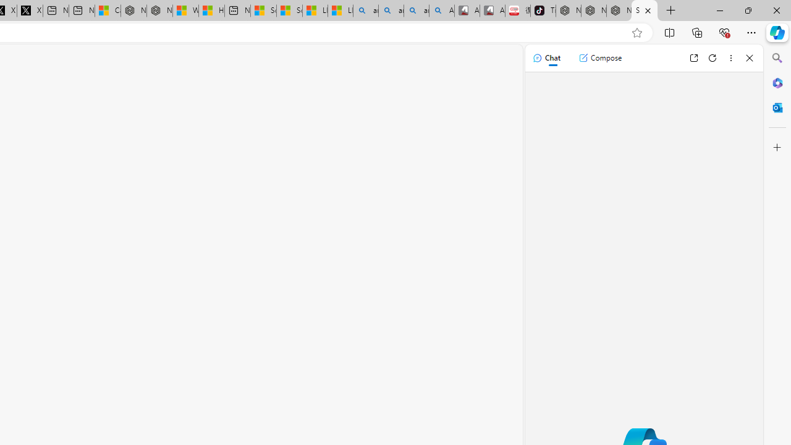 The height and width of the screenshot is (445, 791). Describe the element at coordinates (543, 11) in the screenshot. I see `'TikTok'` at that location.